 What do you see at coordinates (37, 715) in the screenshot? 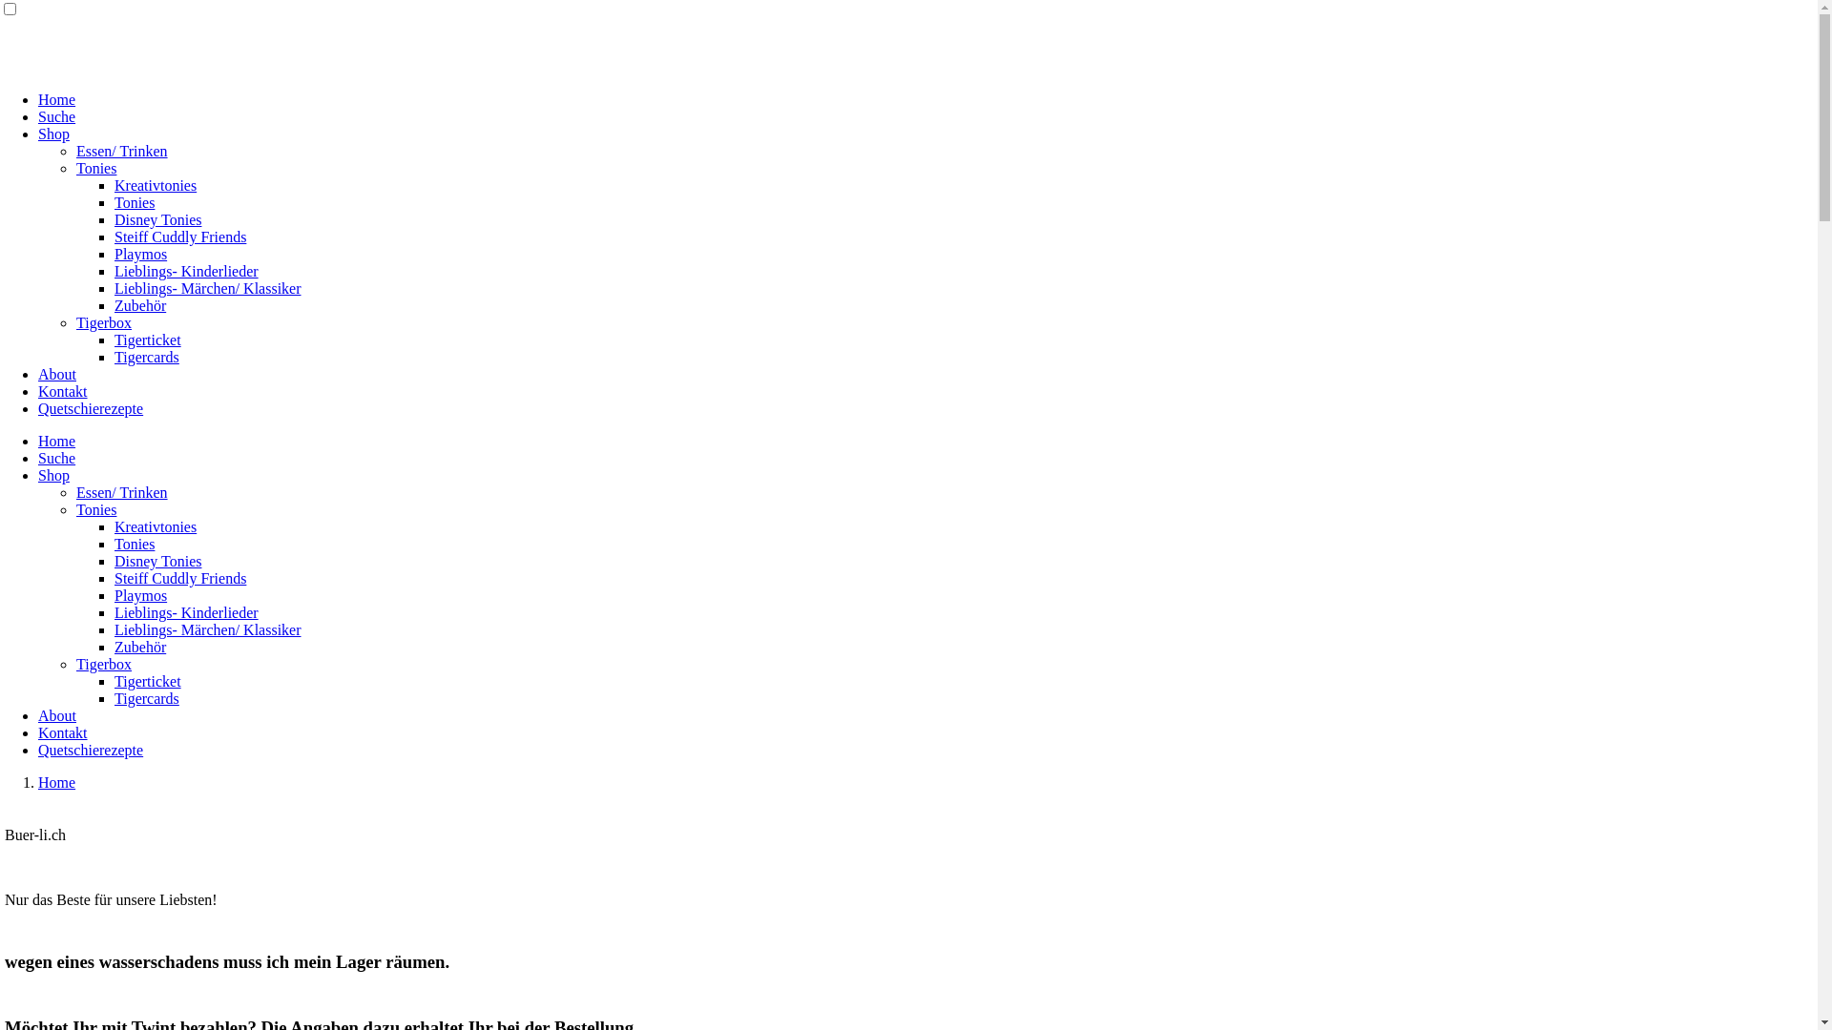
I see `'About'` at bounding box center [37, 715].